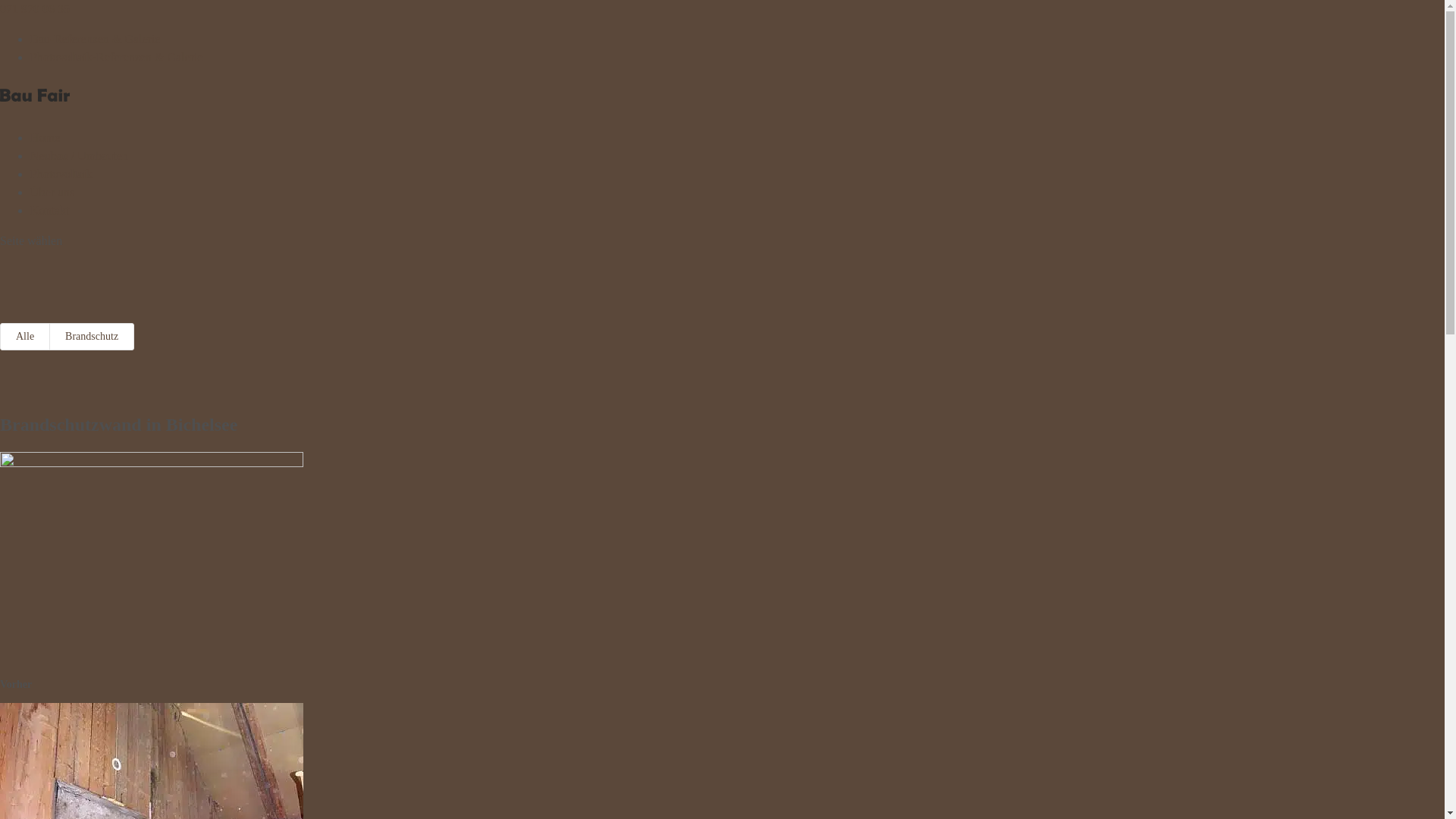 This screenshot has height=819, width=1456. I want to click on 'Photovoltaik', so click(30, 173).